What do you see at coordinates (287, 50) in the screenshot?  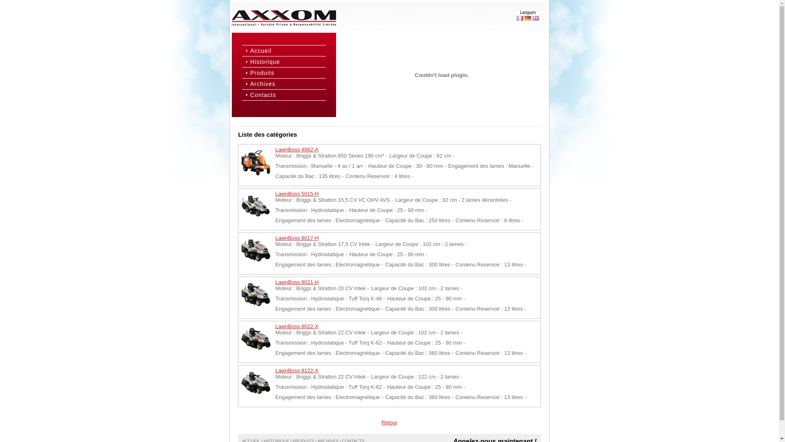 I see `'Accueil'` at bounding box center [287, 50].